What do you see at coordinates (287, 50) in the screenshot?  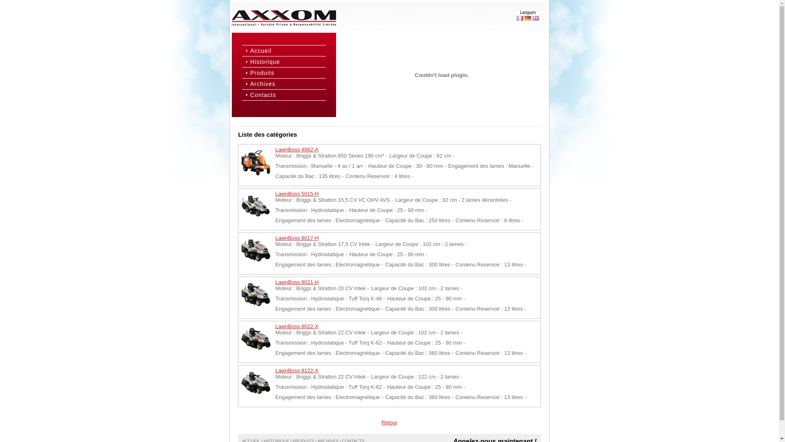 I see `'Accueil'` at bounding box center [287, 50].